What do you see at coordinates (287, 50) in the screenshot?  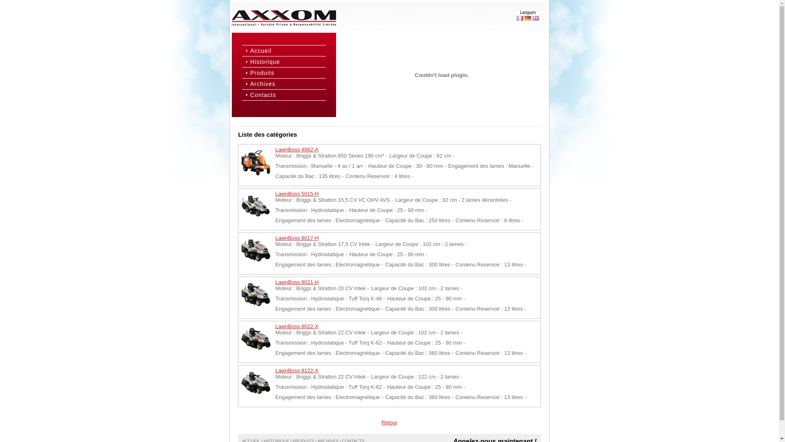 I see `'Accueil'` at bounding box center [287, 50].